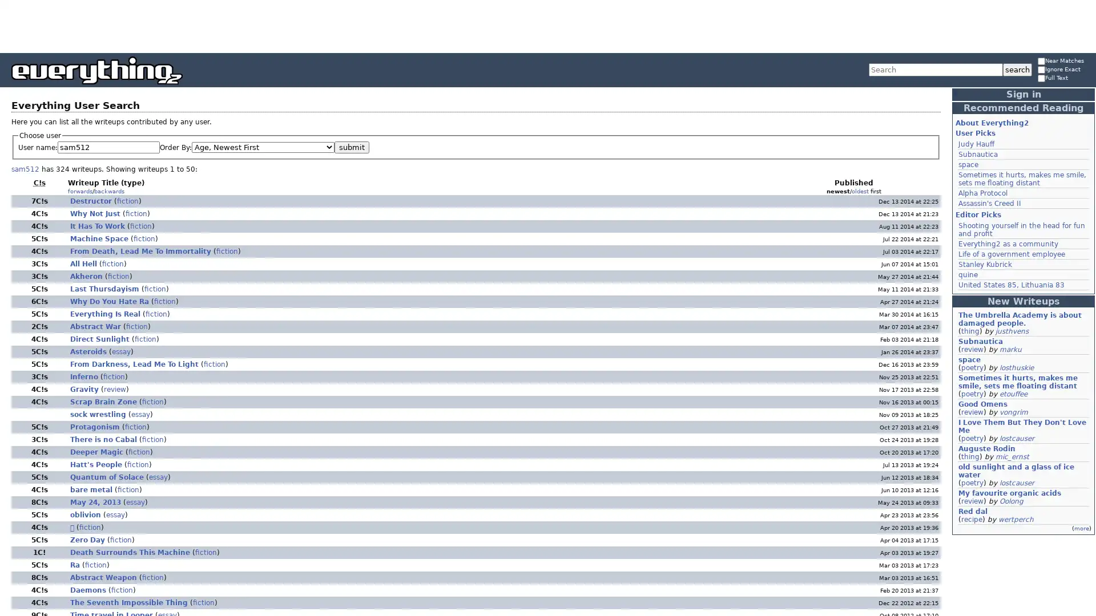  Describe the element at coordinates (1017, 70) in the screenshot. I see `search` at that location.